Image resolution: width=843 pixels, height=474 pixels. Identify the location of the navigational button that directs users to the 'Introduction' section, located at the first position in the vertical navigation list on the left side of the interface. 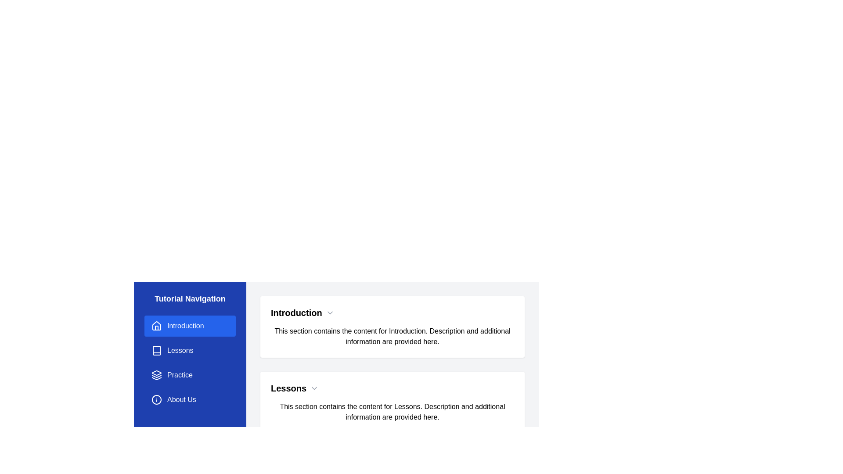
(189, 326).